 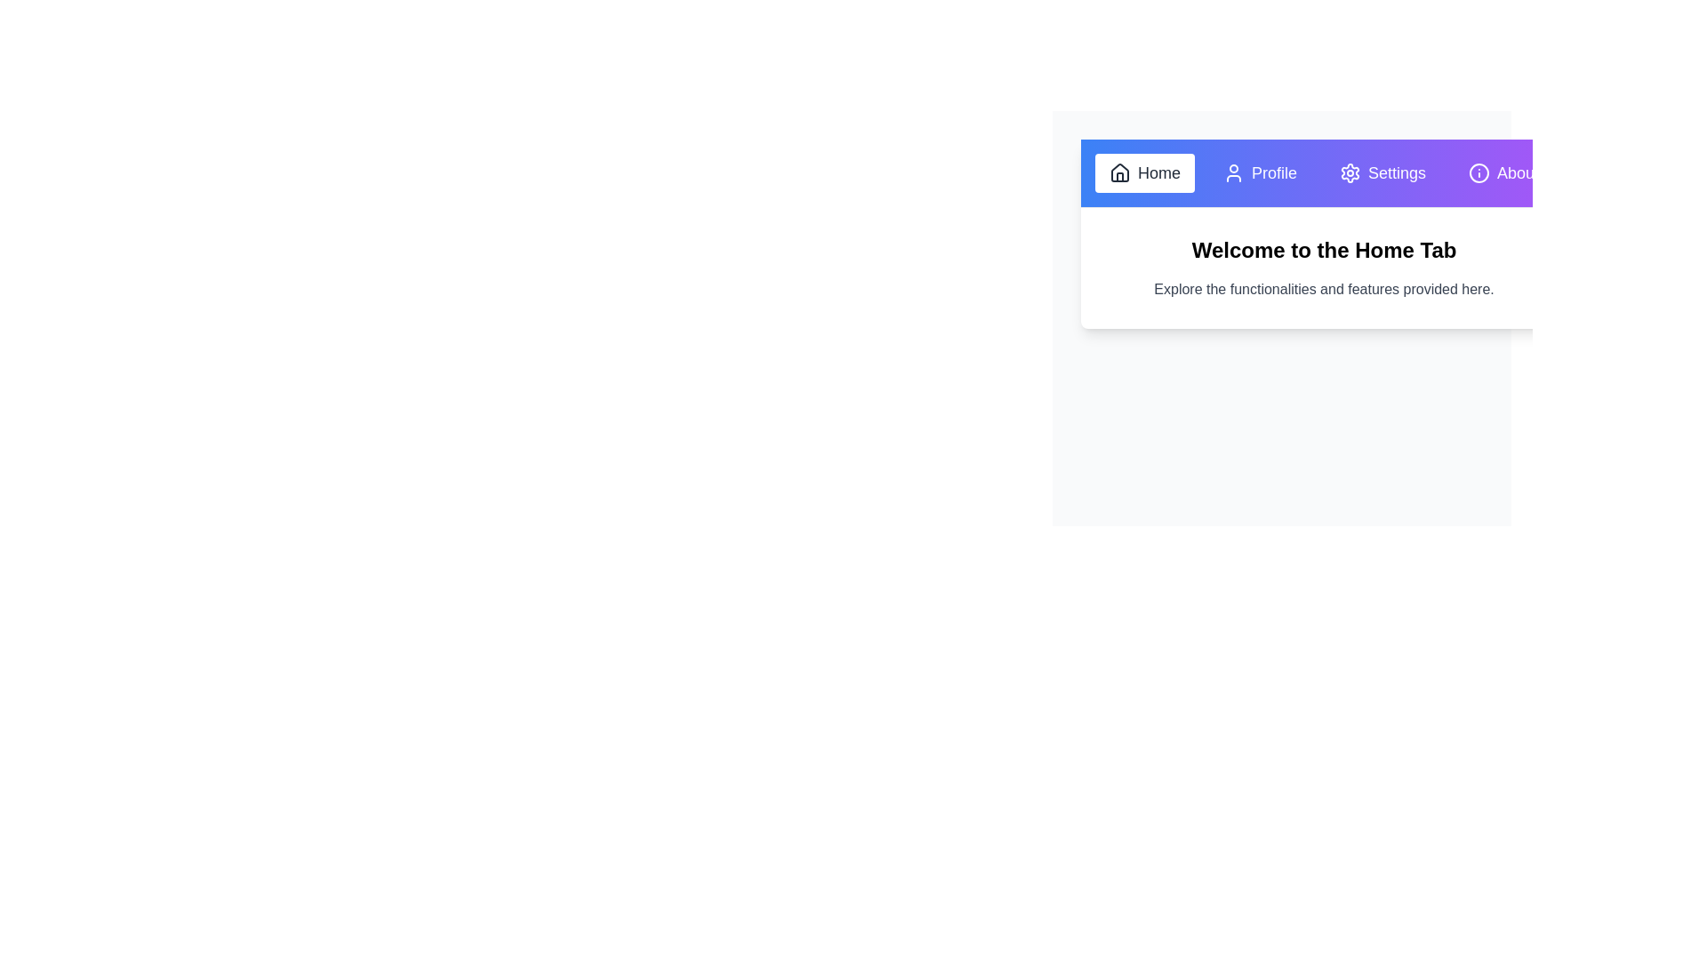 What do you see at coordinates (1350, 173) in the screenshot?
I see `the settings icon located in the top navigation bar, positioned next to the 'Profile' section on its left and the 'About' section on its right` at bounding box center [1350, 173].